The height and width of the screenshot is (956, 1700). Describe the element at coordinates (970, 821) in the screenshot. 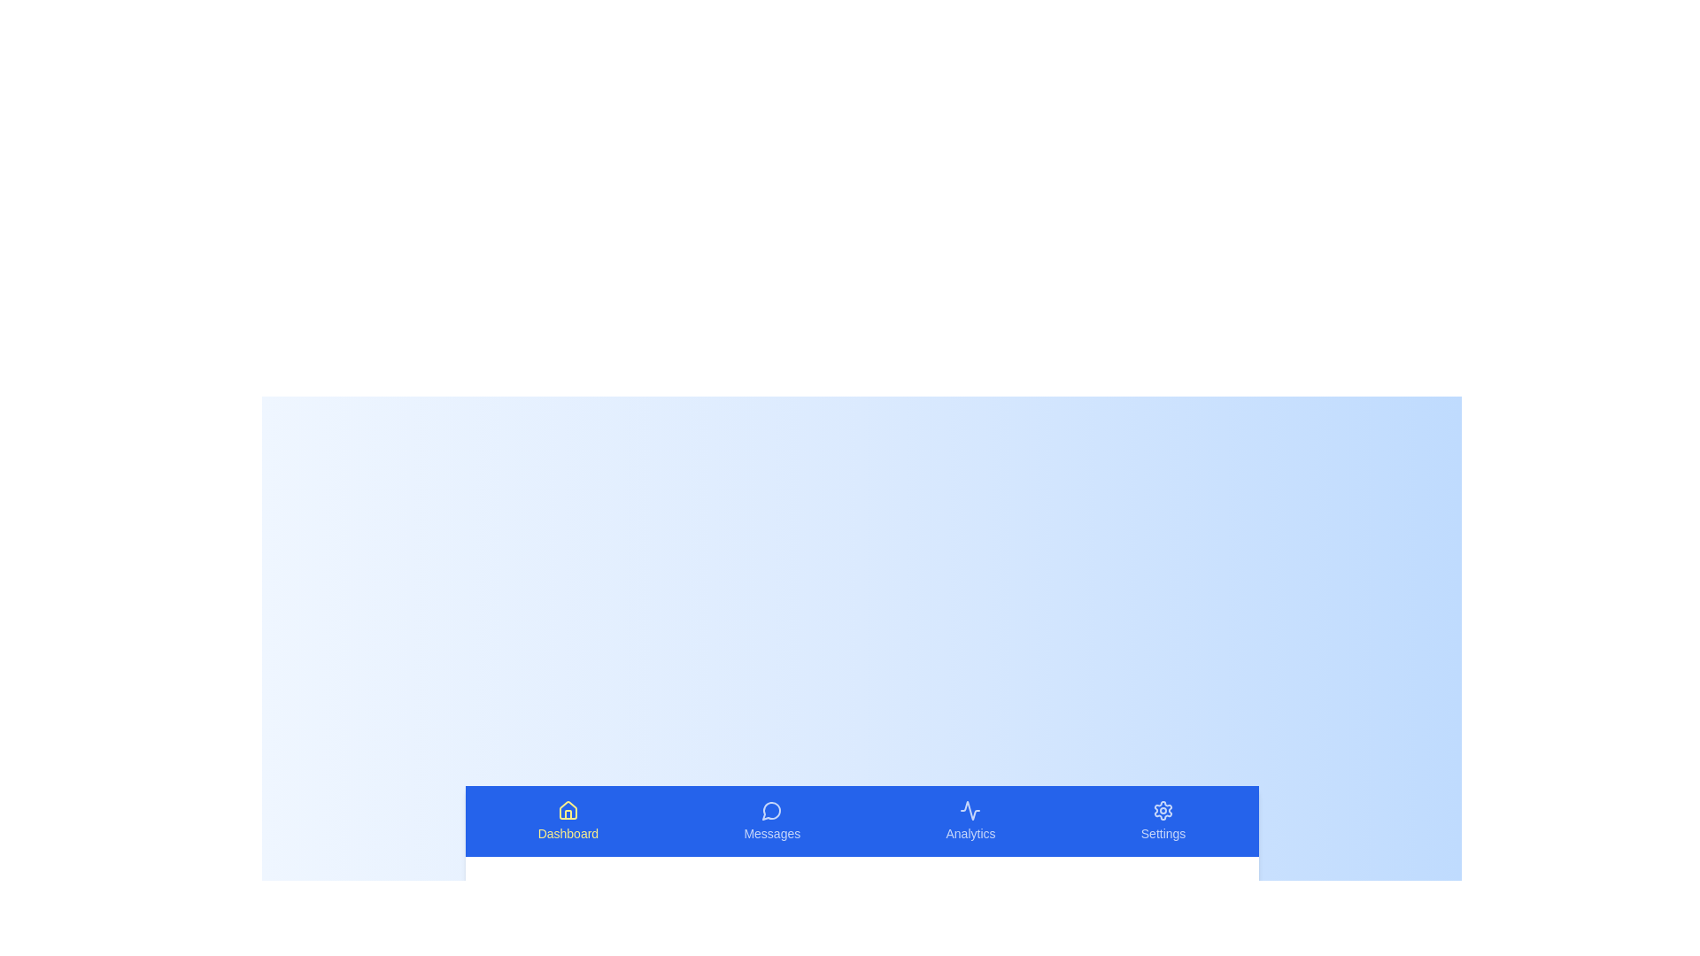

I see `the tab labeled 'Analytics' to observe the hover effect` at that location.